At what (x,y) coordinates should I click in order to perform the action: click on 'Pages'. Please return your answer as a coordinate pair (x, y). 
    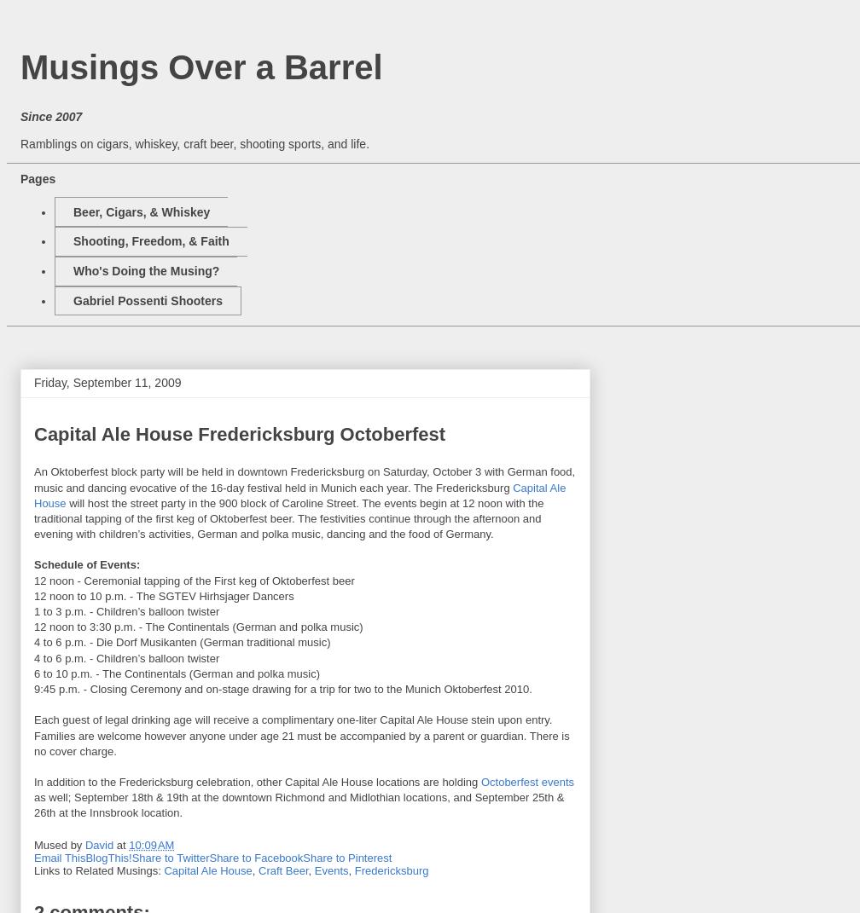
    Looking at the image, I should click on (38, 178).